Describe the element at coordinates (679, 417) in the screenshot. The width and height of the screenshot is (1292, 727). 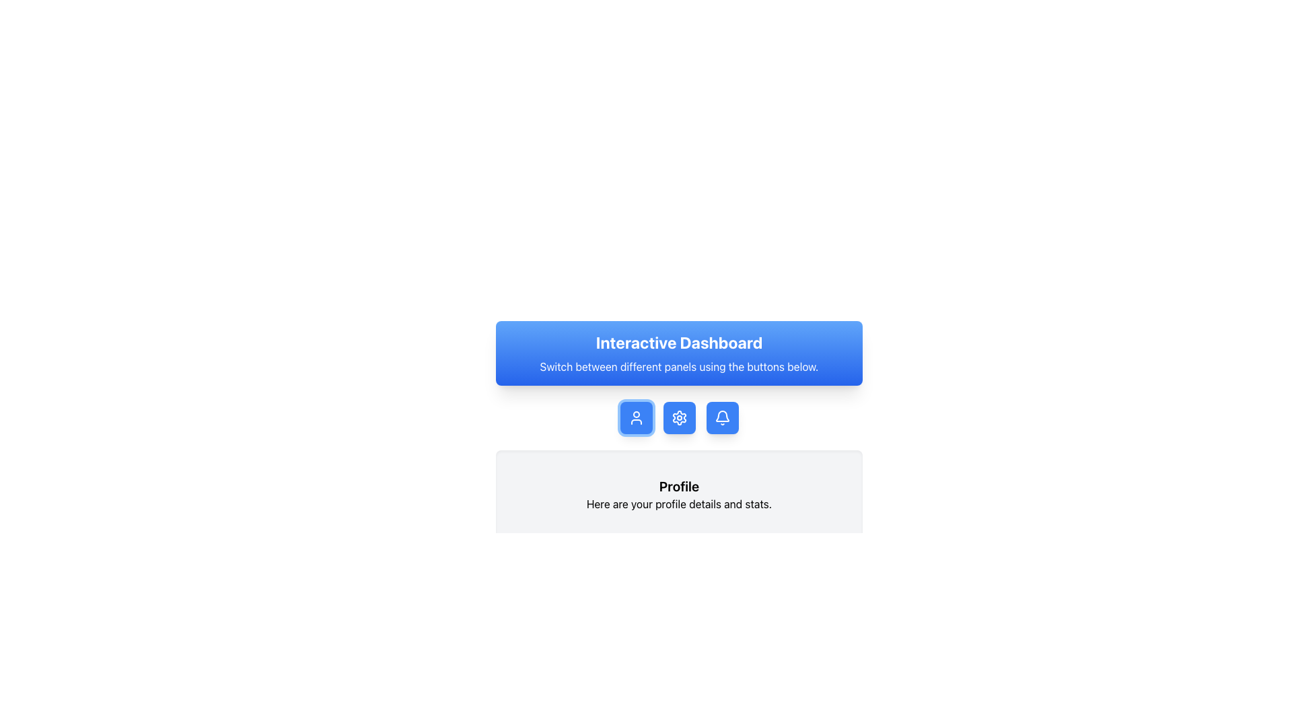
I see `the settings button located in the middle of three buttons below the 'Interactive Dashboard' heading` at that location.